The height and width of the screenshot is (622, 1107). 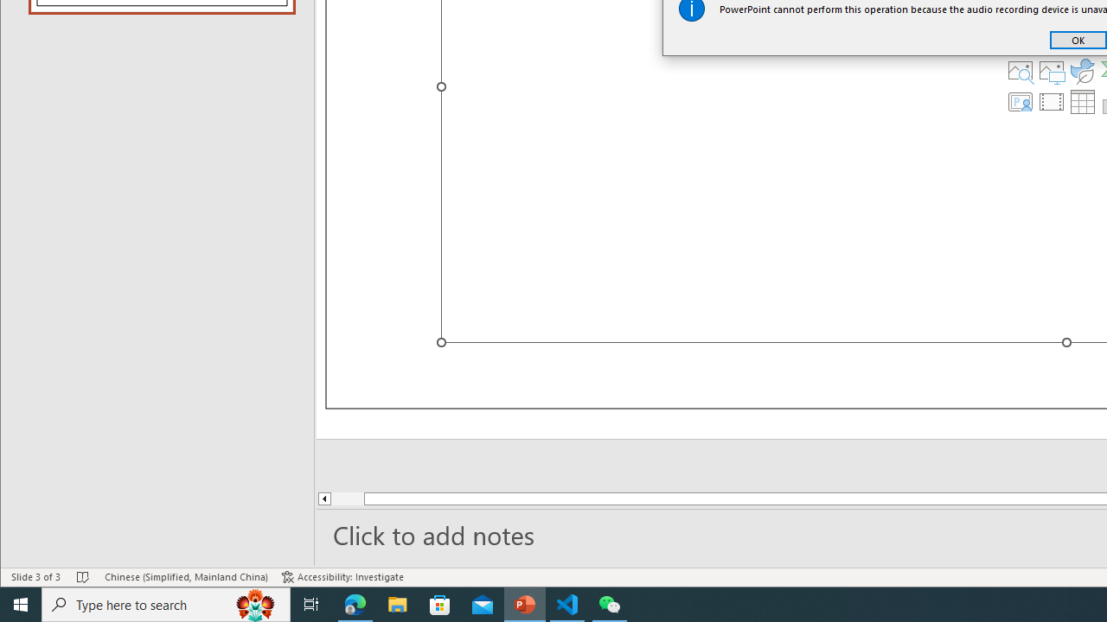 I want to click on 'WeChat - 1 running window', so click(x=610, y=603).